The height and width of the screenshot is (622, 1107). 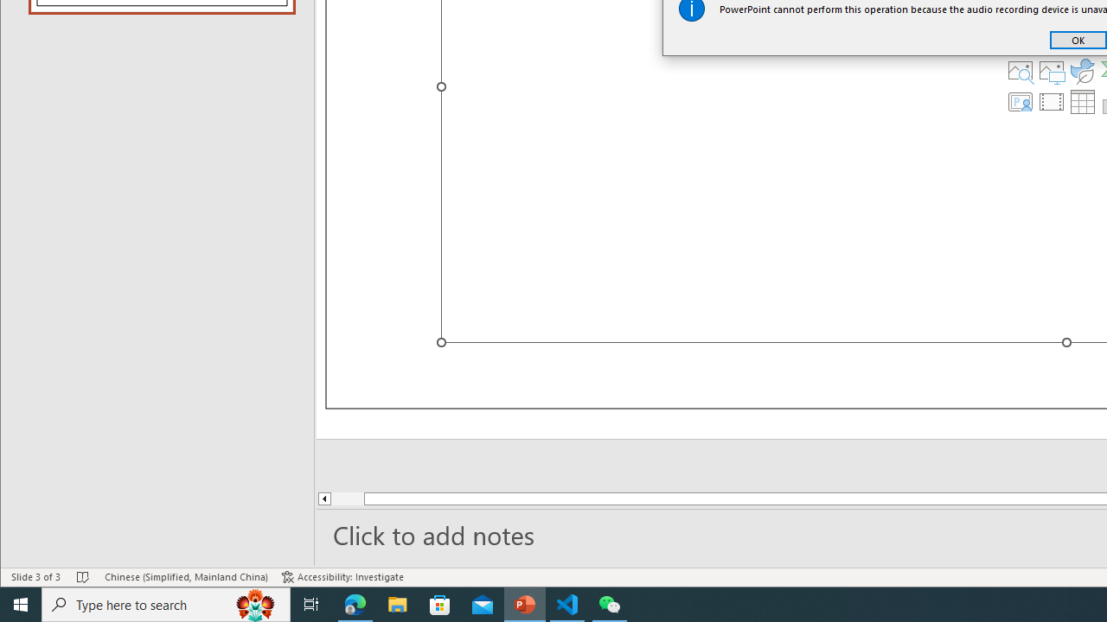 I want to click on 'WeChat - 1 running window', so click(x=610, y=603).